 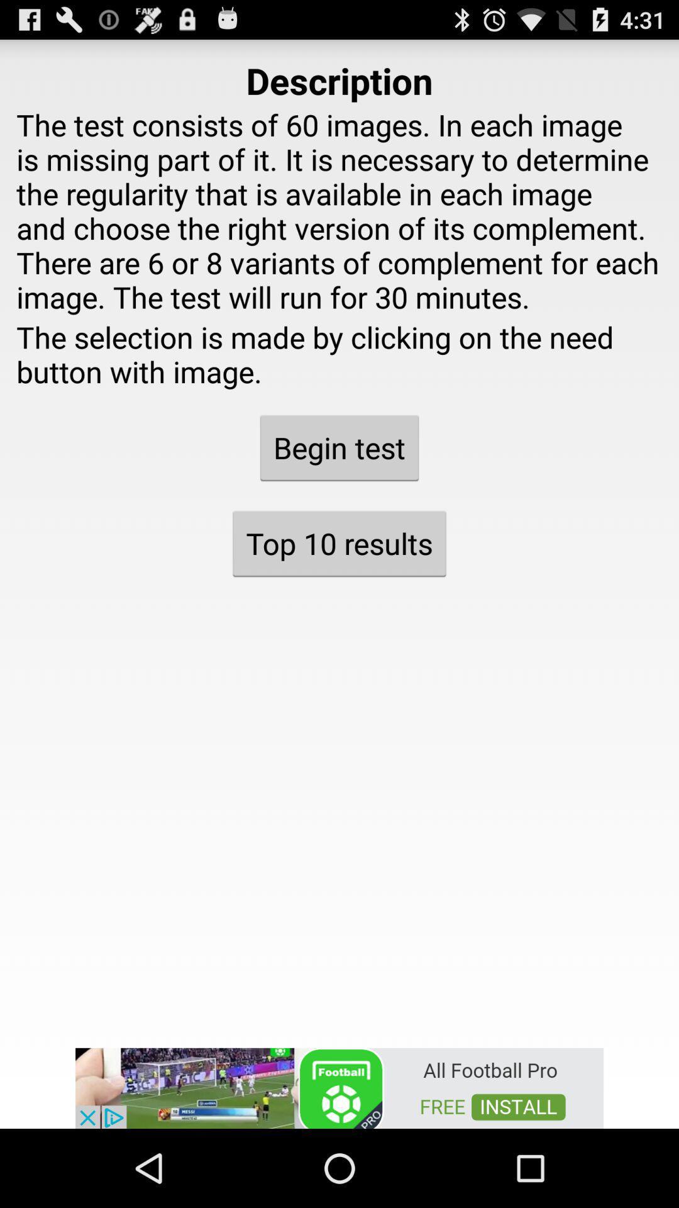 What do you see at coordinates (339, 1087) in the screenshot?
I see `launch advertisement` at bounding box center [339, 1087].